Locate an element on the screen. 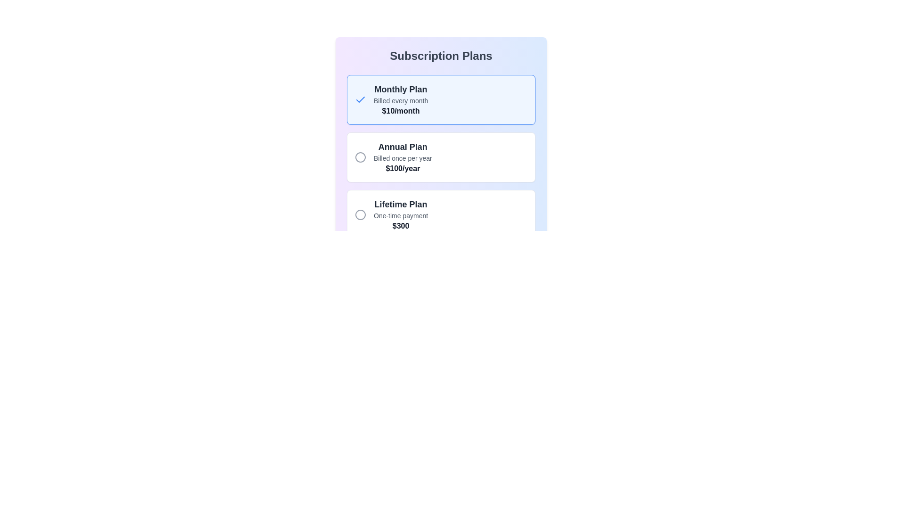  the static text label displaying 'One-time payment', which is positioned below the title 'Lifetime Plan' and above the price '$300' is located at coordinates (401, 216).